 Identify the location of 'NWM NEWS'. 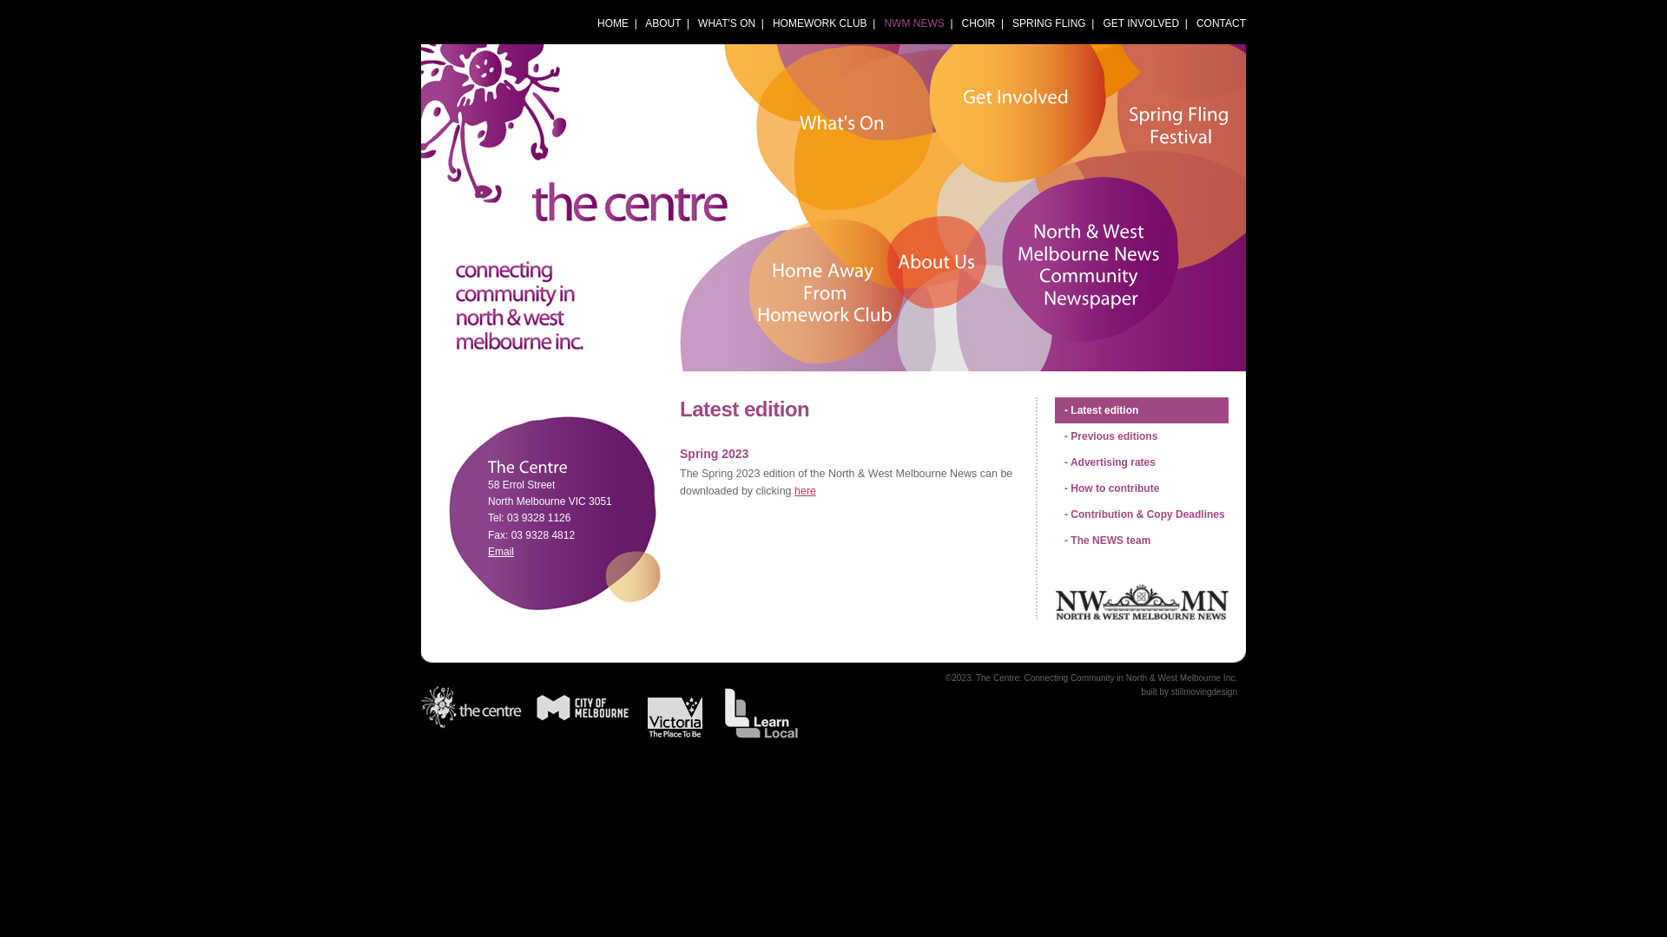
(913, 23).